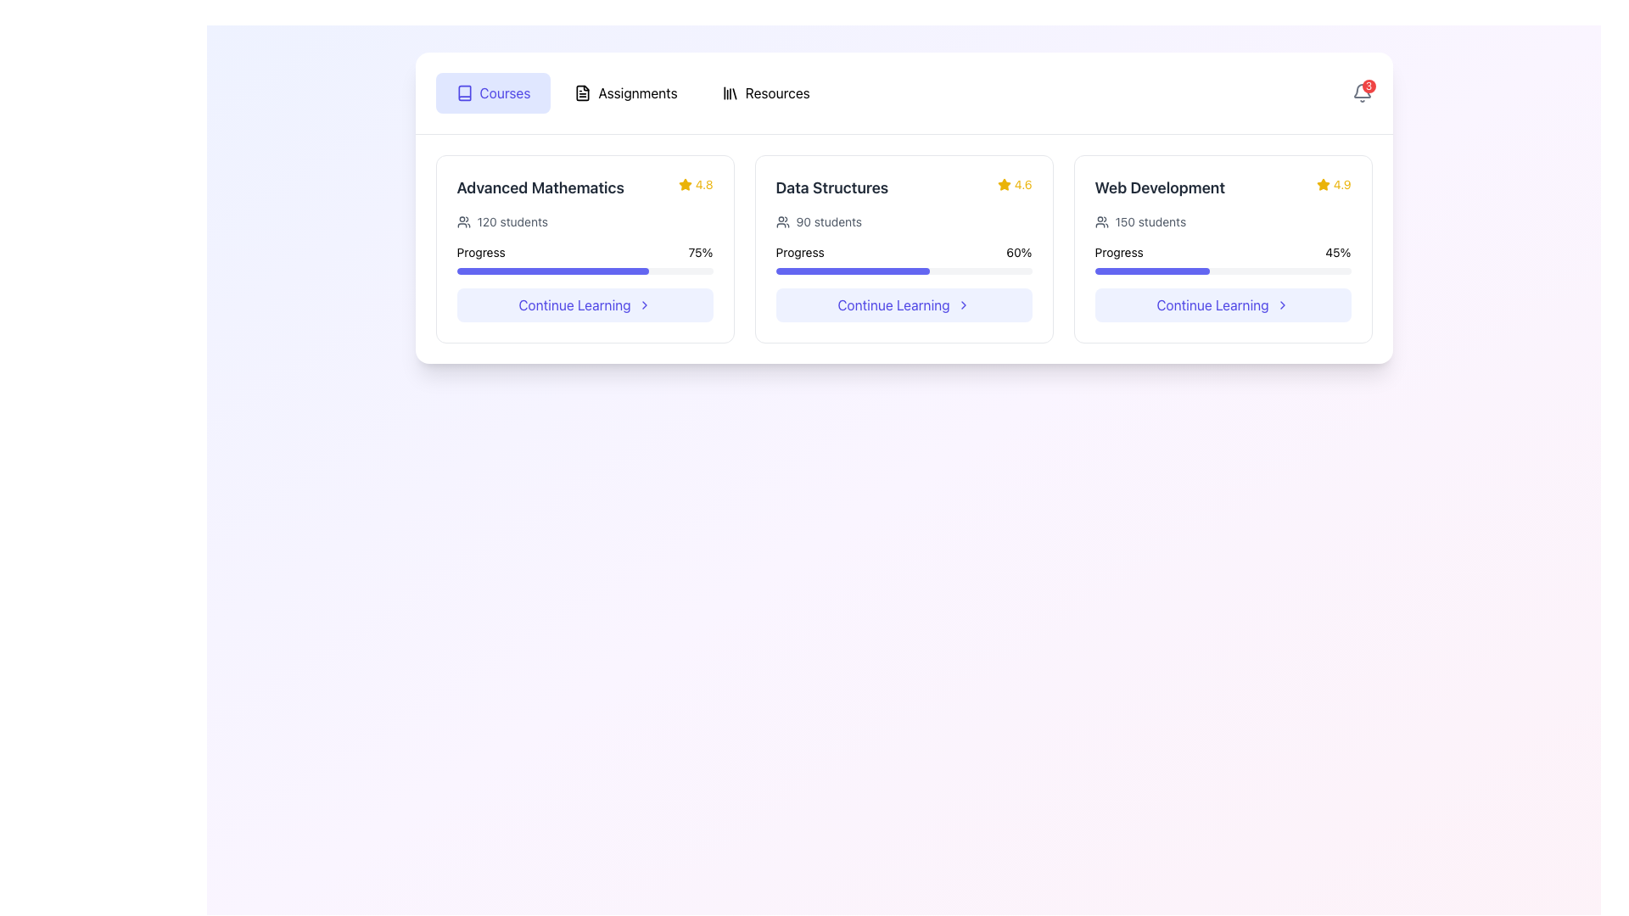 The height and width of the screenshot is (916, 1629). I want to click on the 'Courses' button in the horizontal menu bar at the top of the interface, so click(492, 93).